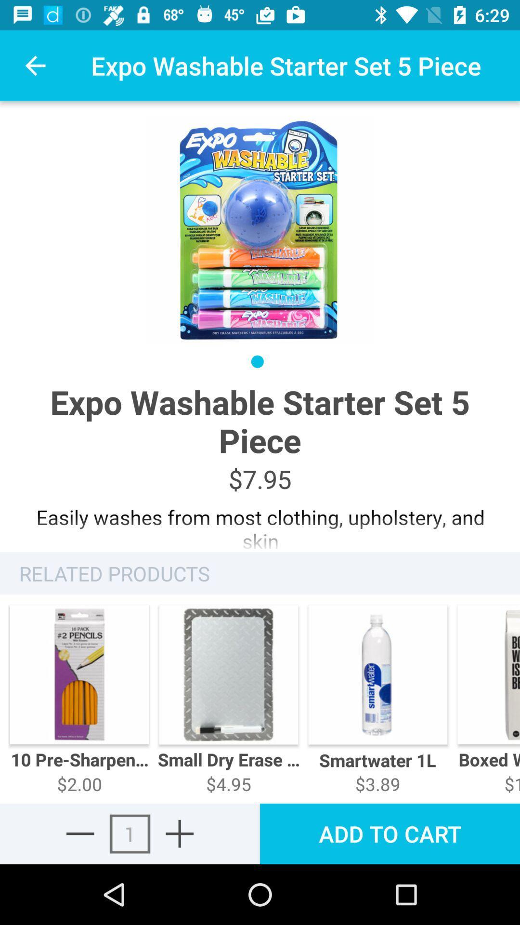 The width and height of the screenshot is (520, 925). Describe the element at coordinates (180, 833) in the screenshot. I see `zoom in the option` at that location.